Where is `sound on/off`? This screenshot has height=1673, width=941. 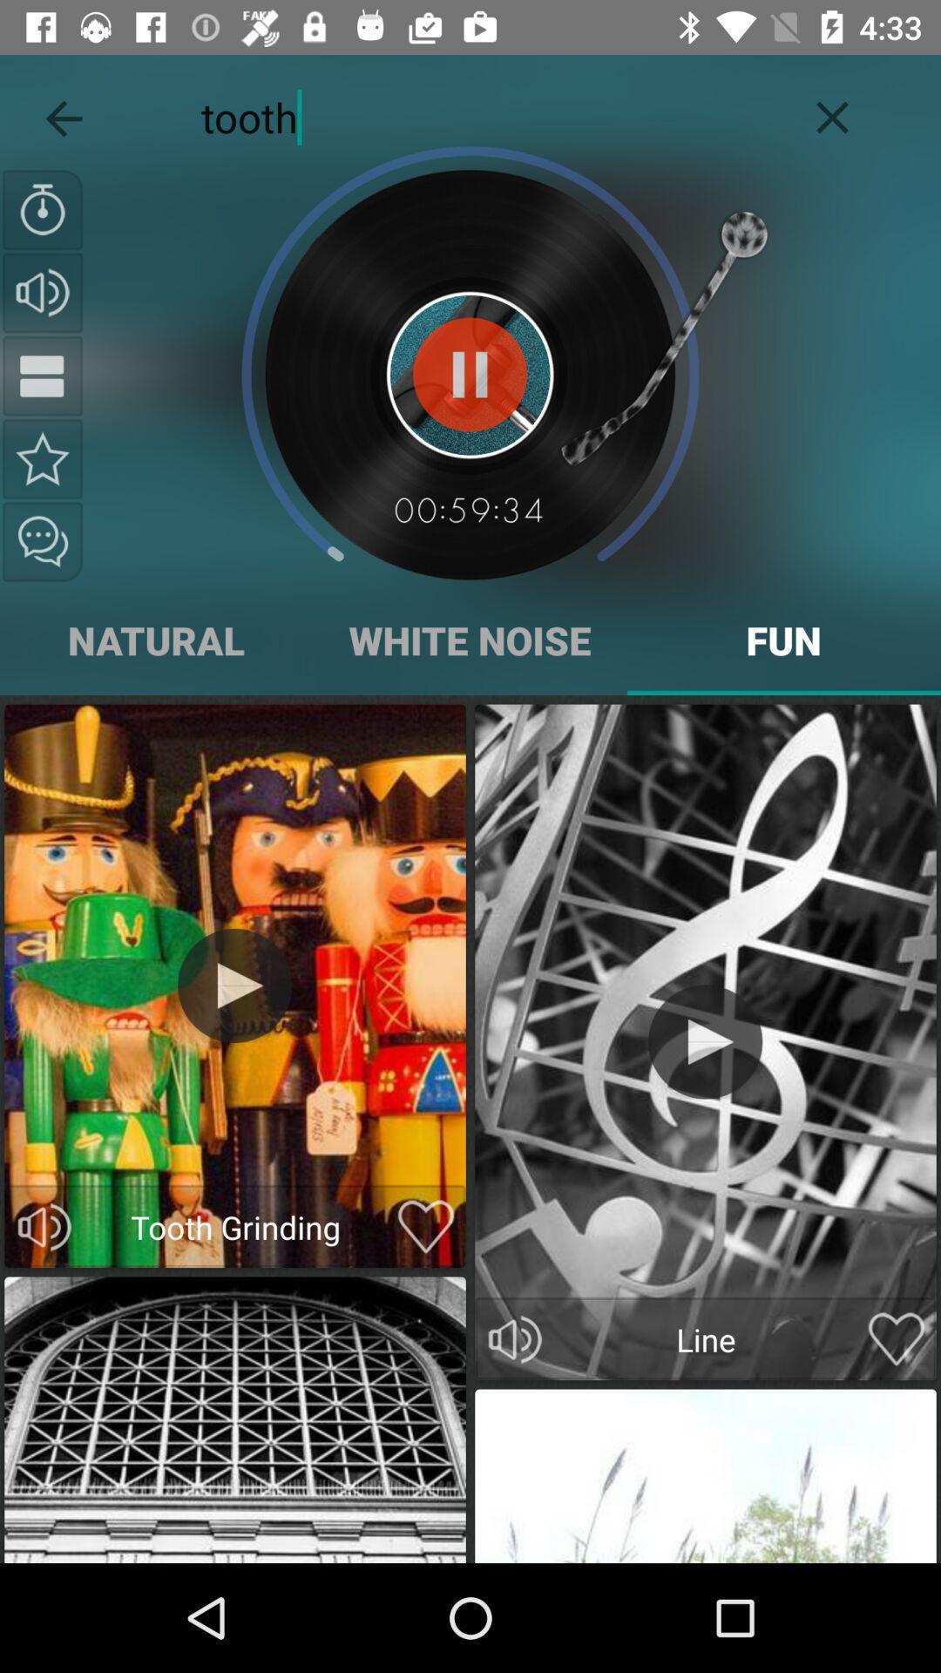 sound on/off is located at coordinates (44, 1226).